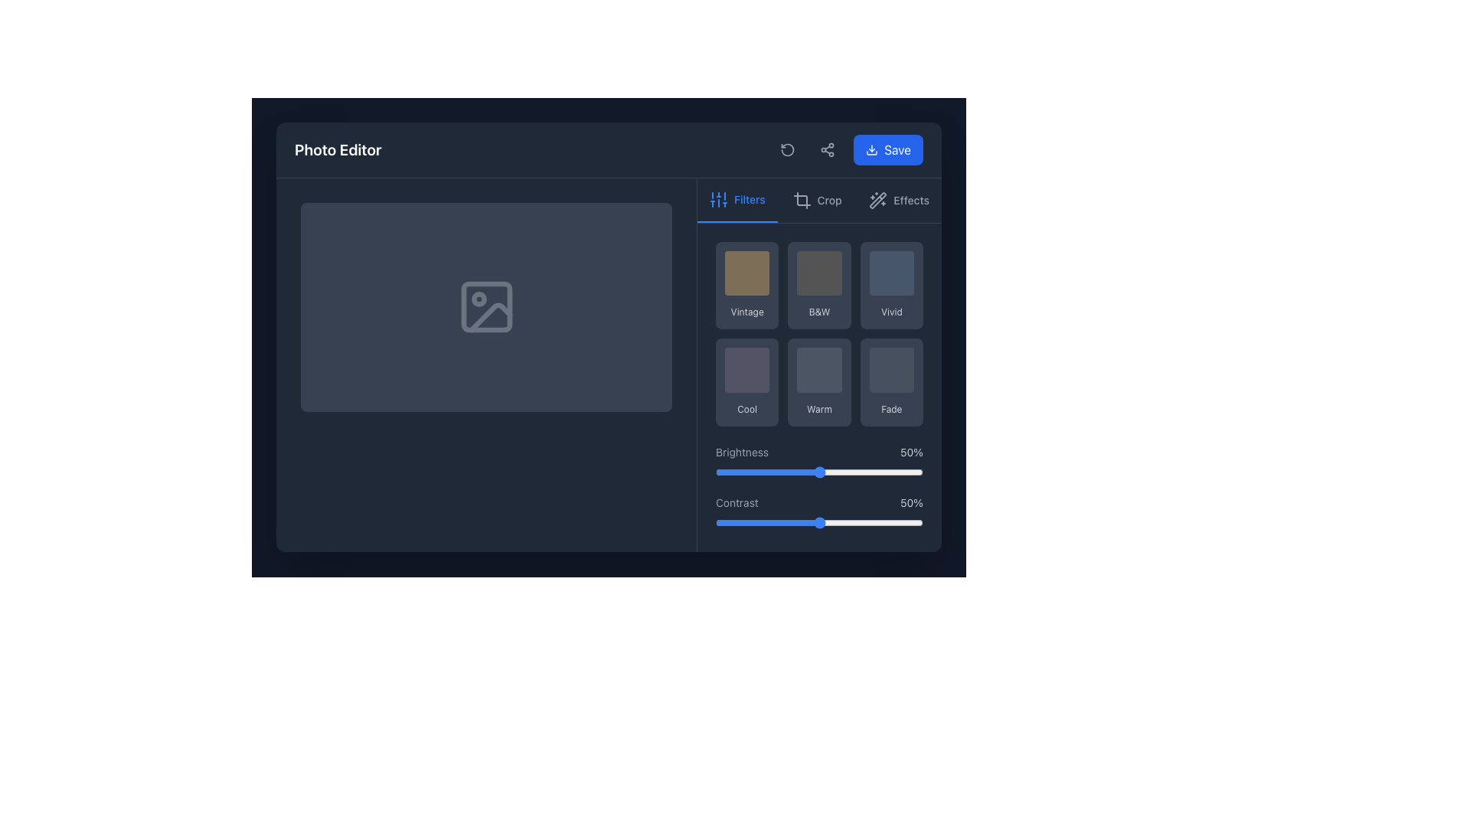 Image resolution: width=1470 pixels, height=827 pixels. I want to click on the icon button representing a counterclockwise arrow in a circular outline to rotate an item counterclockwise, so click(788, 150).